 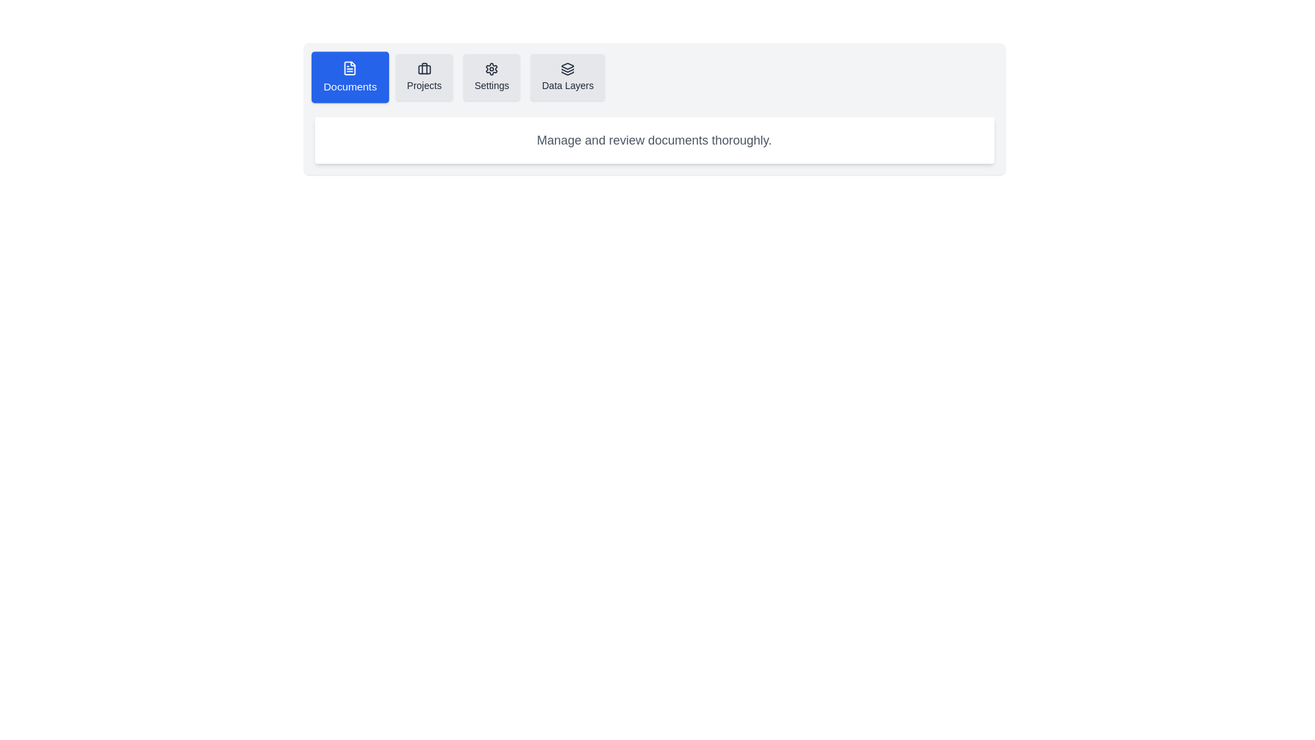 What do you see at coordinates (492, 77) in the screenshot?
I see `the tab labeled Settings` at bounding box center [492, 77].